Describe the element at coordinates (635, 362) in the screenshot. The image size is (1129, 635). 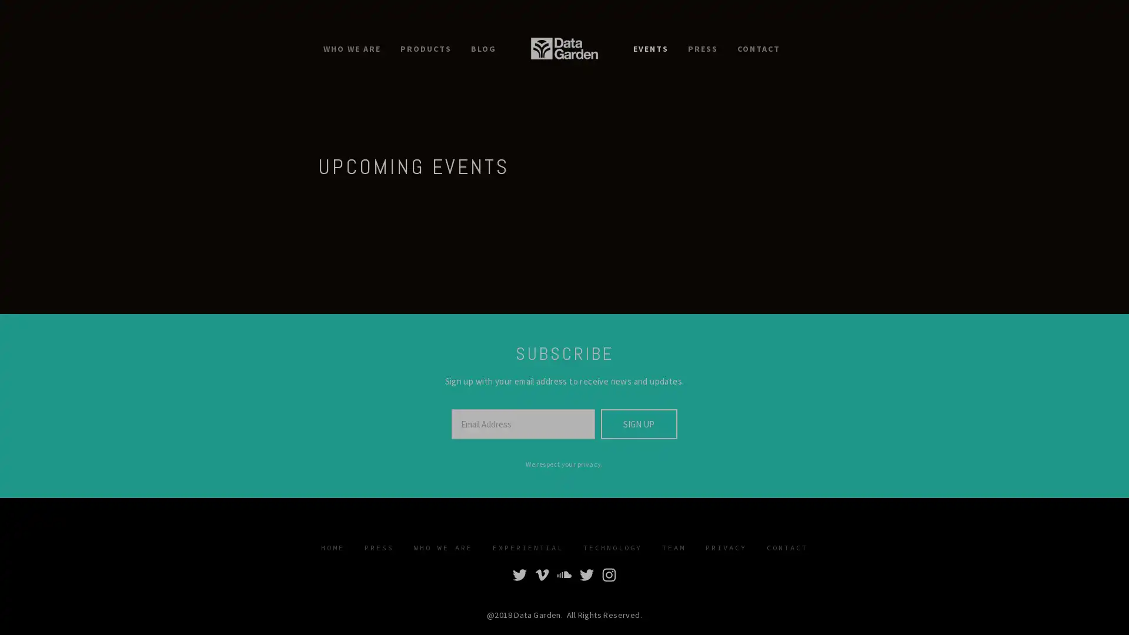
I see `Subscribe` at that location.